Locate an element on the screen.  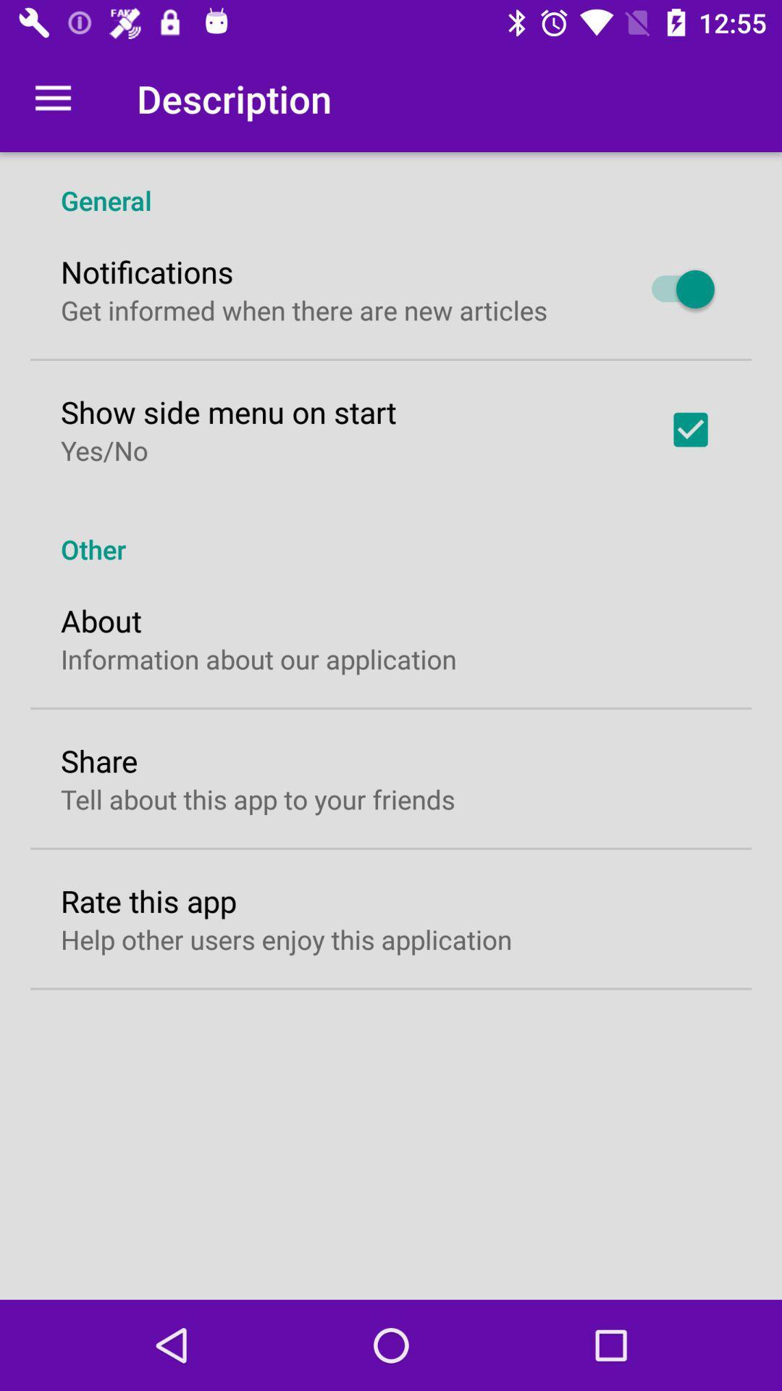
icon above general is located at coordinates (52, 98).